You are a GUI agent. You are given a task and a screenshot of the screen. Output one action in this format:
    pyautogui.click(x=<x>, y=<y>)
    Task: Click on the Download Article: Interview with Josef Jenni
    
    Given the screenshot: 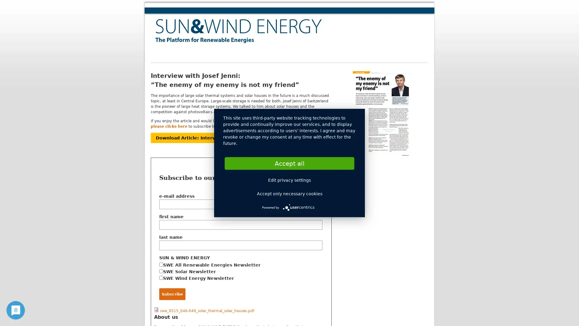 What is the action you would take?
    pyautogui.click(x=209, y=138)
    